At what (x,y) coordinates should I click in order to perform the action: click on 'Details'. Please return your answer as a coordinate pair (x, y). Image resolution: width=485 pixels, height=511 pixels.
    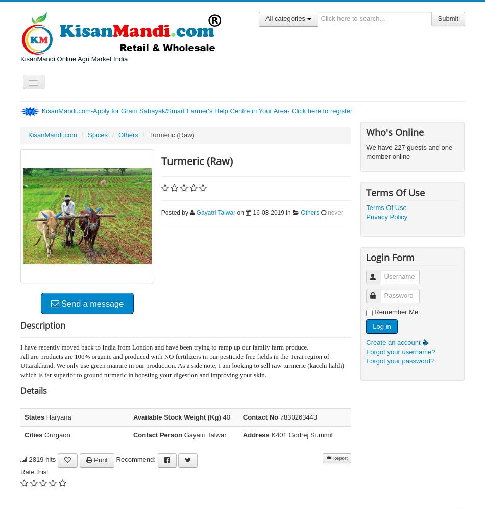
    Looking at the image, I should click on (20, 390).